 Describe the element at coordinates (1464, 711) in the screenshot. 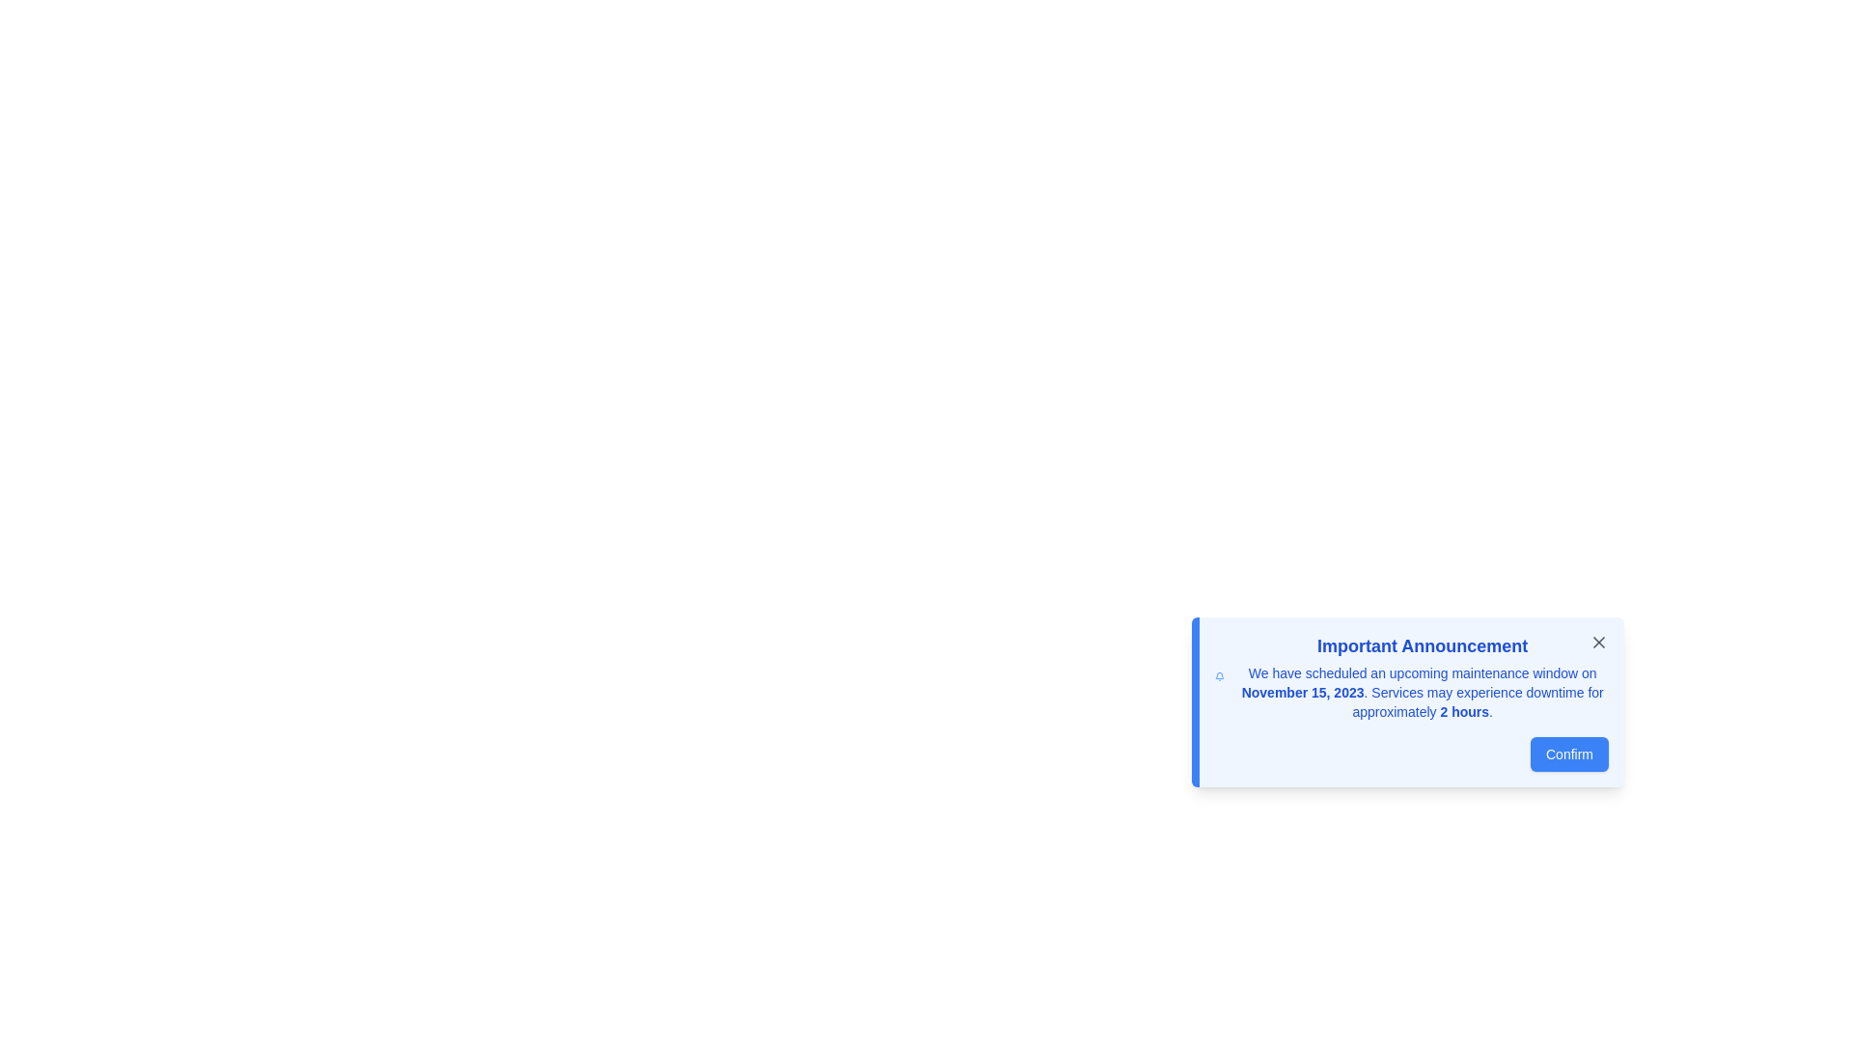

I see `the static text that informs users about the expected duration of the maintenance window, located in the lower right portion of the announcement card after the phrase 'approximately'` at that location.